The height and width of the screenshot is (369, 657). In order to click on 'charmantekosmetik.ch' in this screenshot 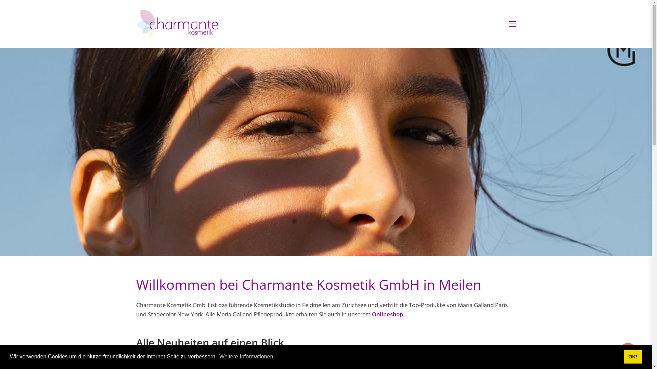, I will do `click(136, 23)`.